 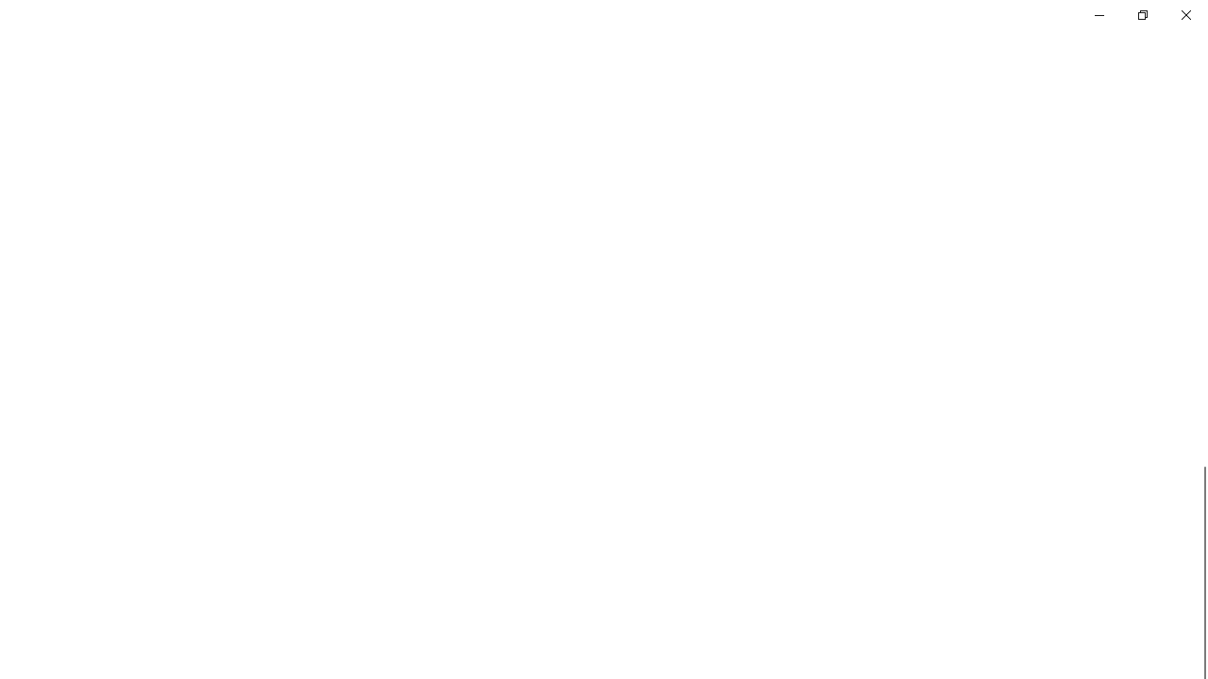 I want to click on 'Restore Settings', so click(x=1141, y=14).